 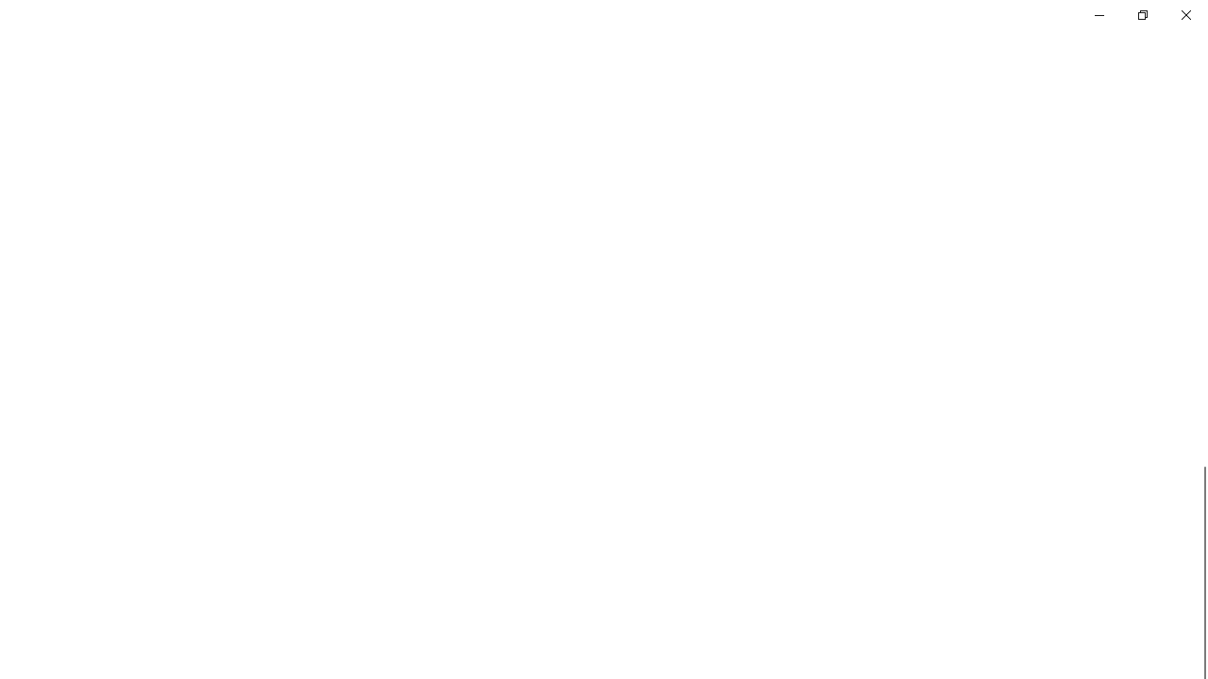 I want to click on 'Restore Settings', so click(x=1141, y=14).